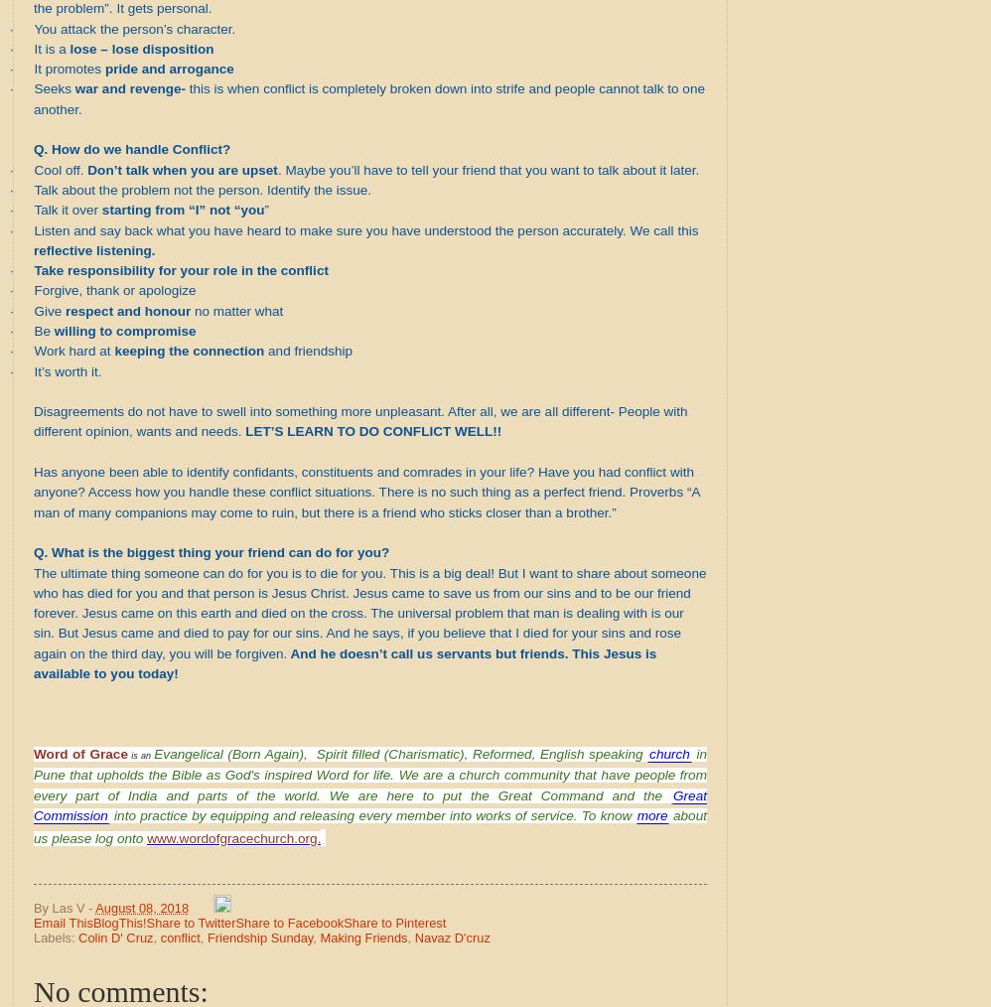 The height and width of the screenshot is (1007, 991). Describe the element at coordinates (132, 149) in the screenshot. I see `'Q. How do we handle Conflict?'` at that location.